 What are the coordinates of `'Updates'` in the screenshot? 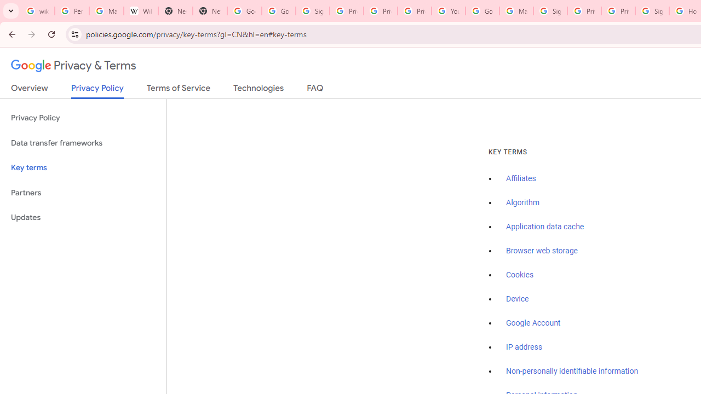 It's located at (83, 218).